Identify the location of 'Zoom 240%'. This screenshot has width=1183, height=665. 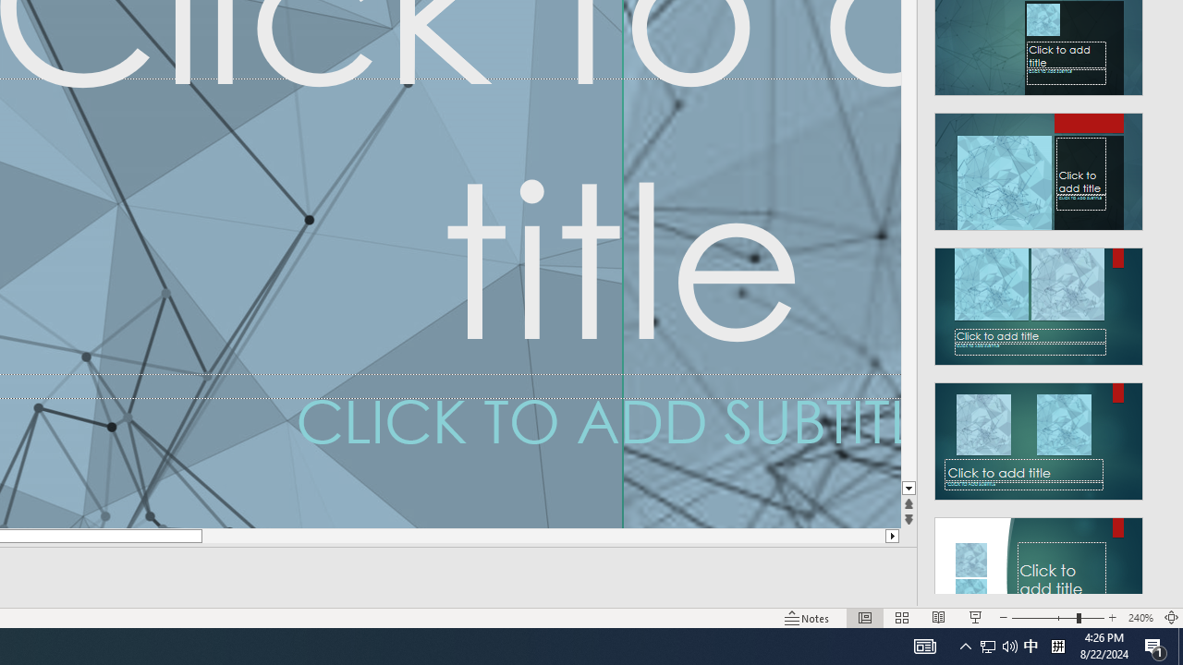
(1140, 618).